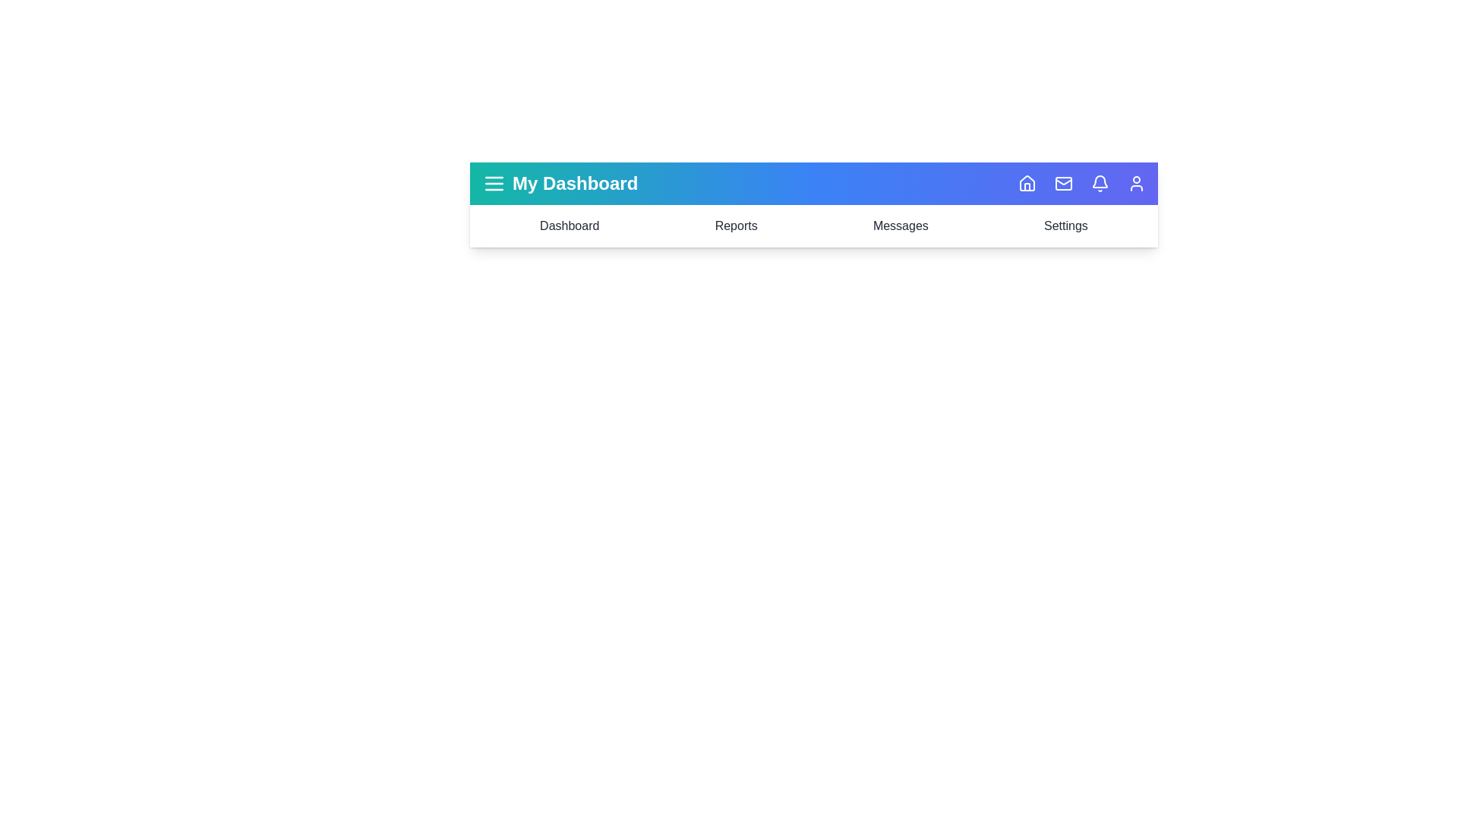 This screenshot has height=820, width=1458. What do you see at coordinates (1137, 183) in the screenshot?
I see `the user icon in the top bar` at bounding box center [1137, 183].